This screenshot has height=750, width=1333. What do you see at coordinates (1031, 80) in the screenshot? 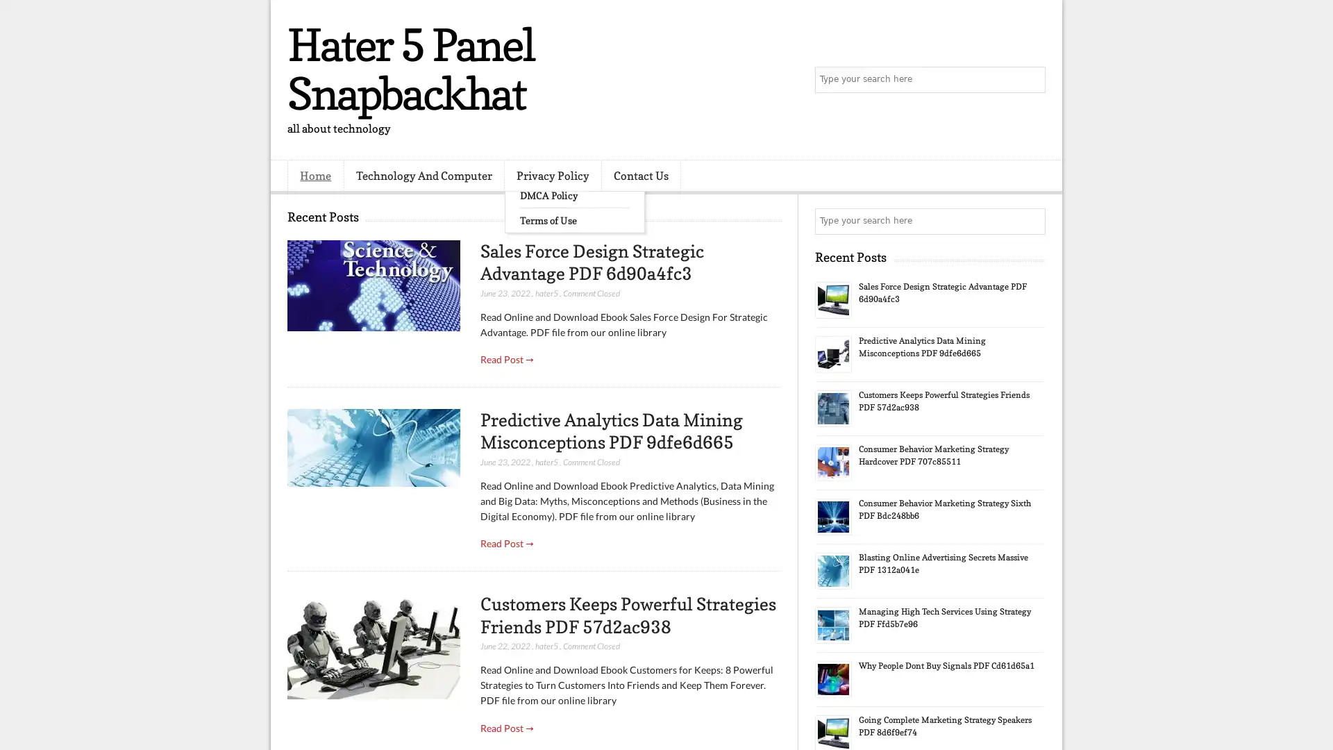
I see `Search` at bounding box center [1031, 80].